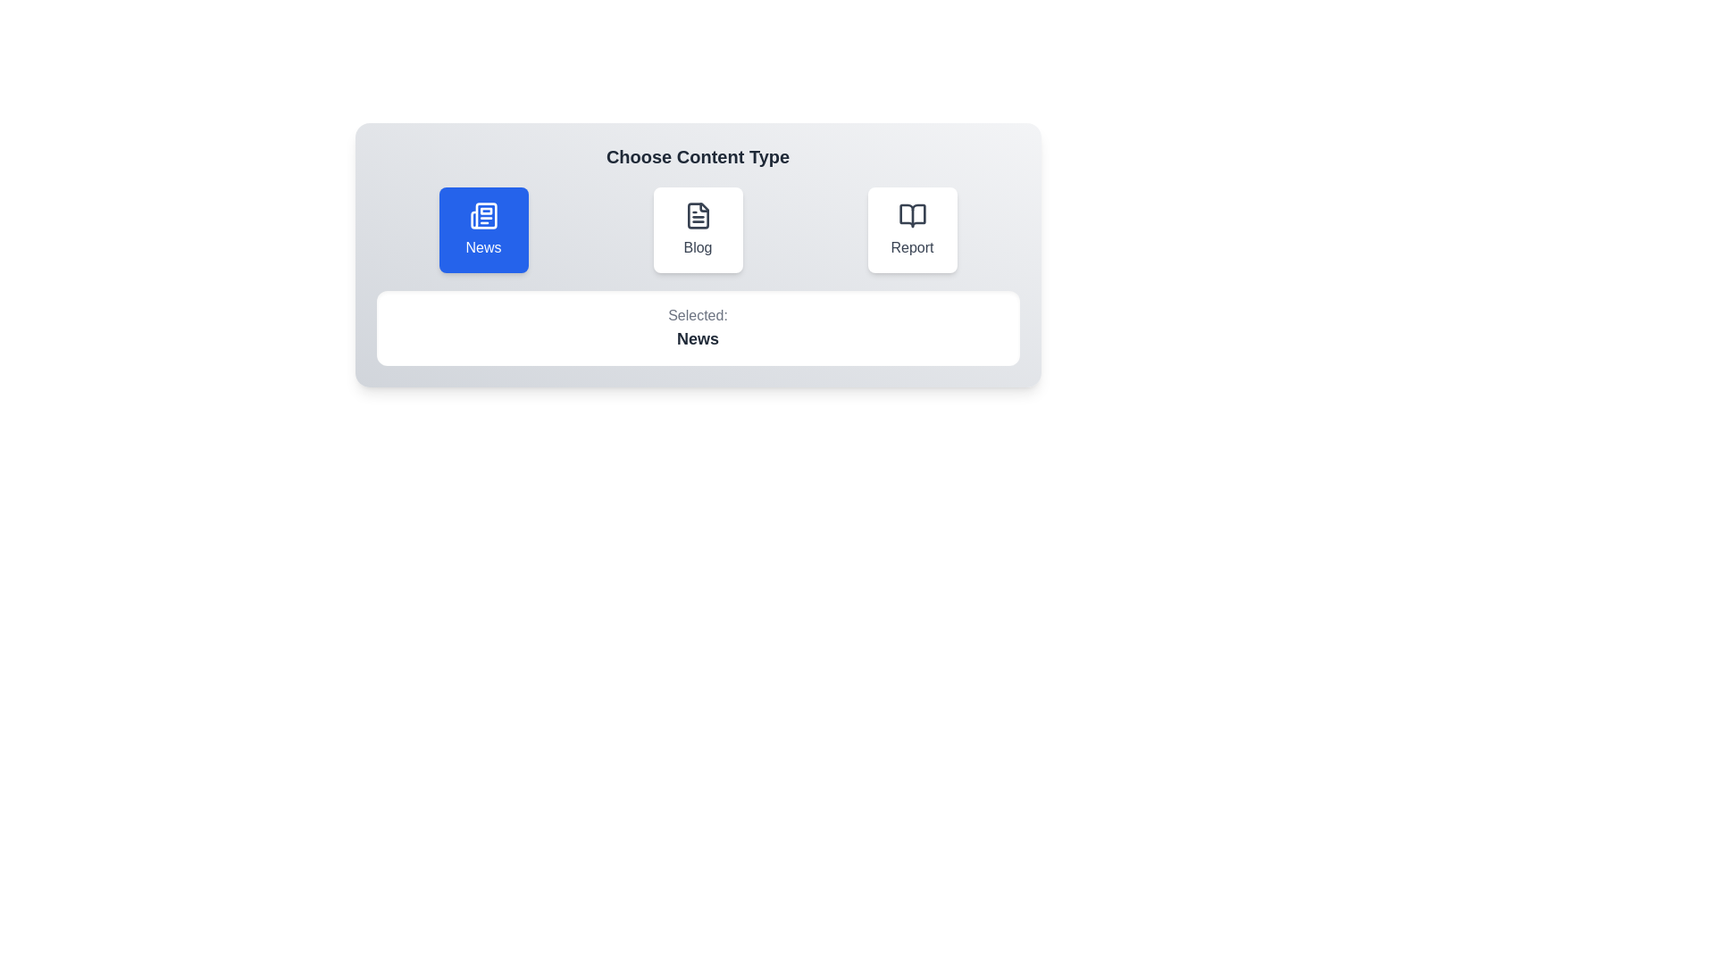  What do you see at coordinates (483, 229) in the screenshot?
I see `the News button to observe its hover effect` at bounding box center [483, 229].